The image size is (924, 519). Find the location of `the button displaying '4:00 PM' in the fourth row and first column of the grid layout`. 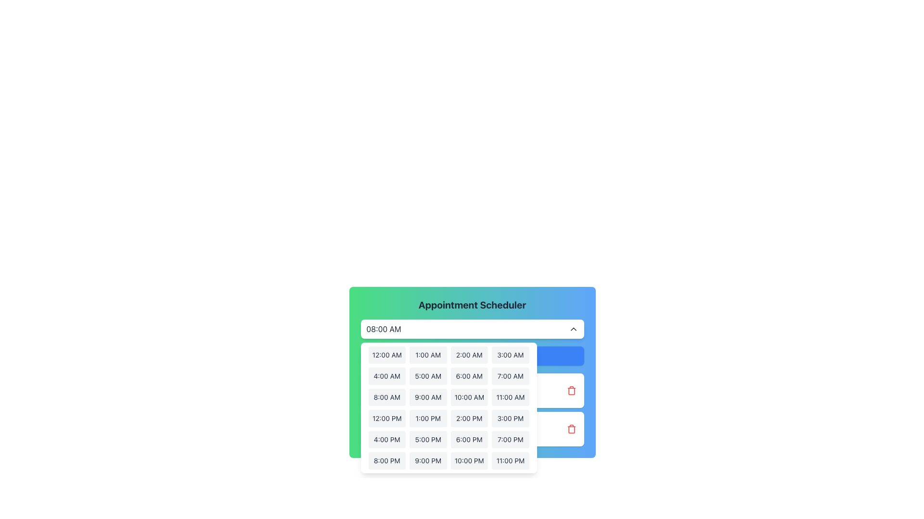

the button displaying '4:00 PM' in the fourth row and first column of the grid layout is located at coordinates (387, 439).